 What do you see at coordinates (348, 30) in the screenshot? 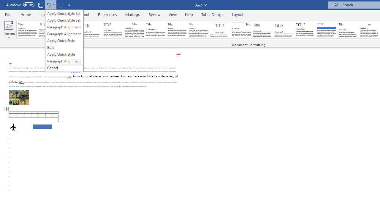
I see `'Word'` at bounding box center [348, 30].